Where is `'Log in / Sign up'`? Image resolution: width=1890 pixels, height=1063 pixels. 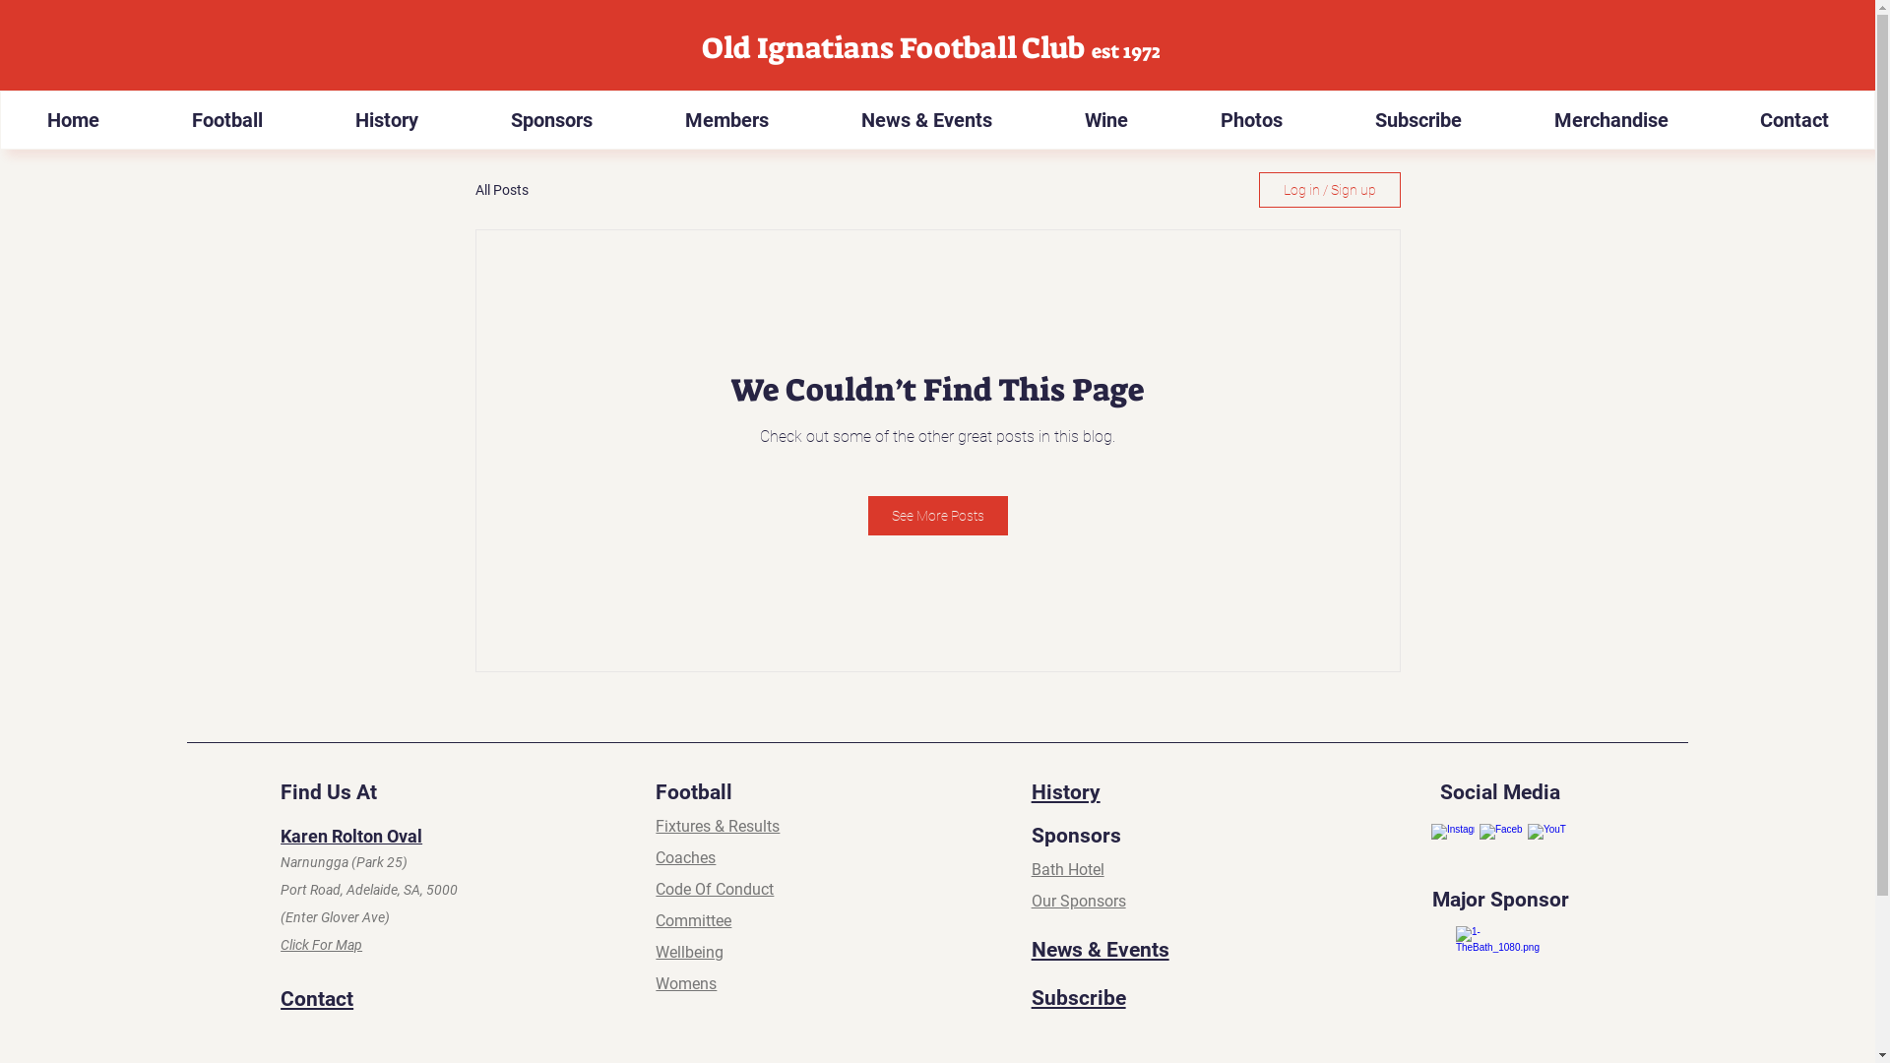 'Log in / Sign up' is located at coordinates (1328, 189).